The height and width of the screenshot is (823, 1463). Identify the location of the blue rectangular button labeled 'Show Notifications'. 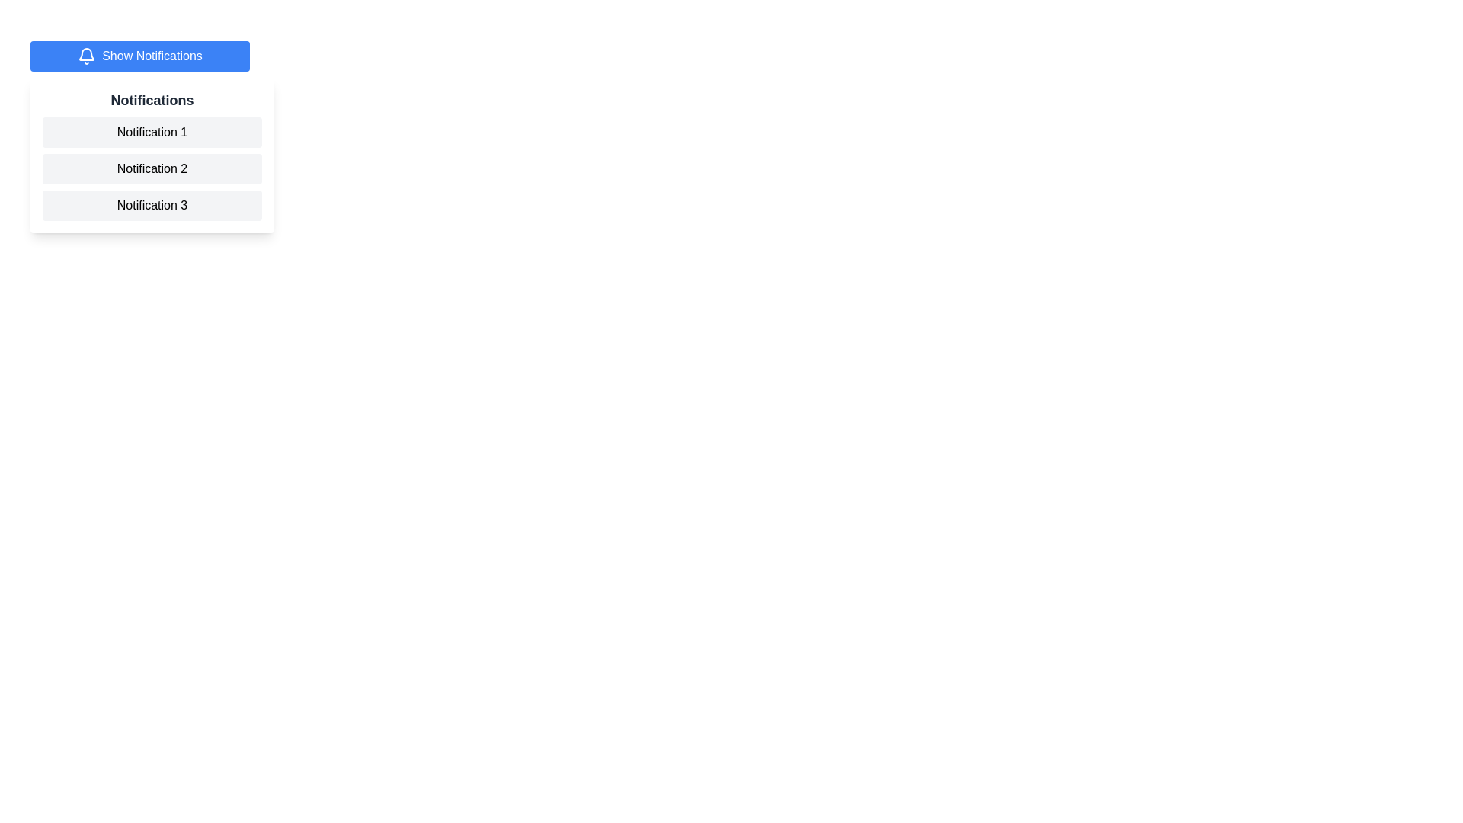
(139, 55).